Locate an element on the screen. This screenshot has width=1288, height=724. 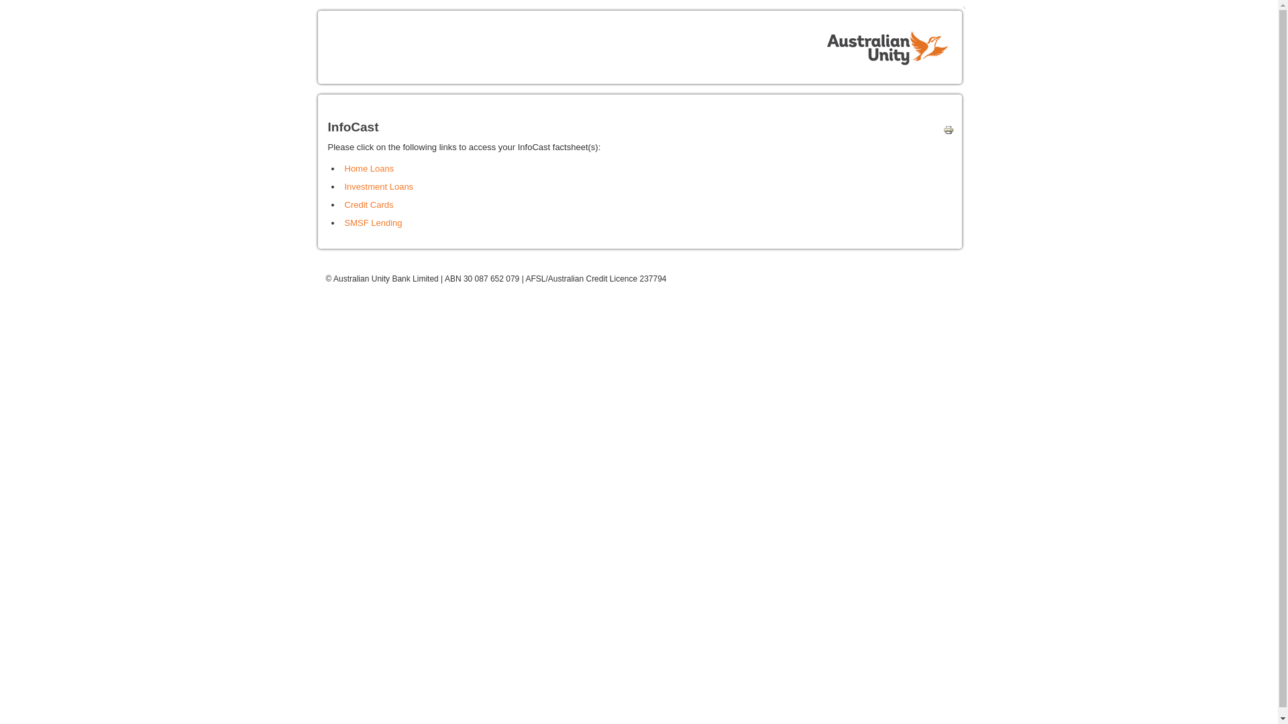
'Home Loans' is located at coordinates (370, 168).